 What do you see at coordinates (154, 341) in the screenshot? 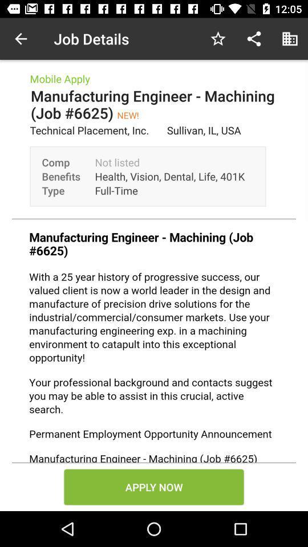
I see `job details` at bounding box center [154, 341].